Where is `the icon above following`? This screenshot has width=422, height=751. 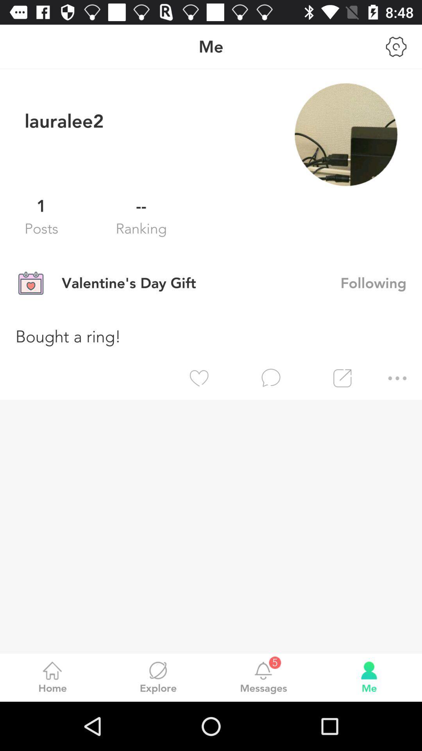
the icon above following is located at coordinates (345, 135).